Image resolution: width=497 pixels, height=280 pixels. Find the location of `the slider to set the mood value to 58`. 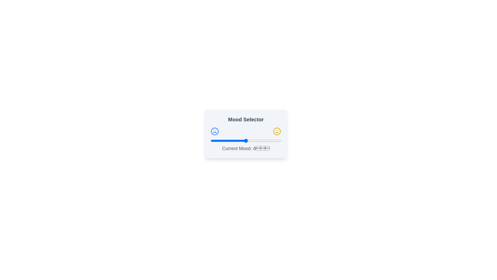

the slider to set the mood value to 58 is located at coordinates (251, 141).